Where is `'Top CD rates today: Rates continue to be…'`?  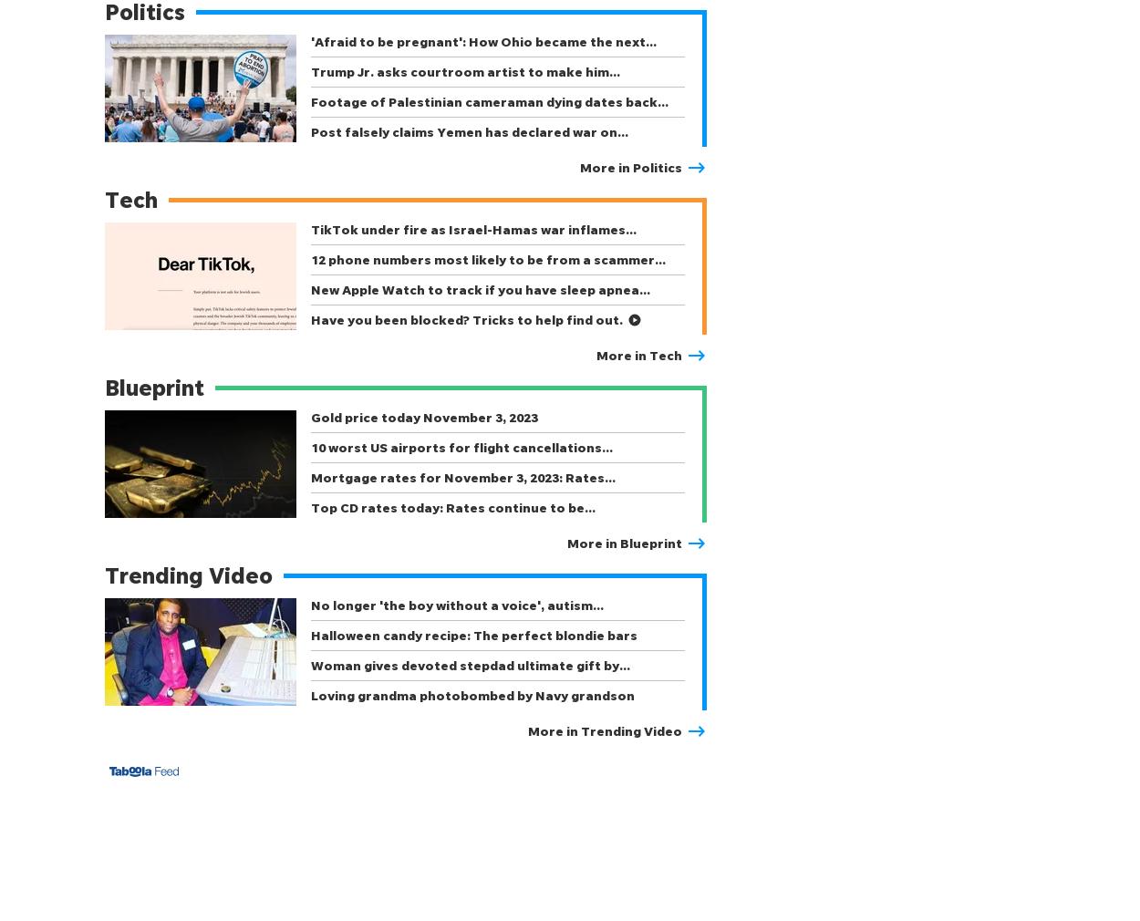 'Top CD rates today: Rates continue to be…' is located at coordinates (452, 506).